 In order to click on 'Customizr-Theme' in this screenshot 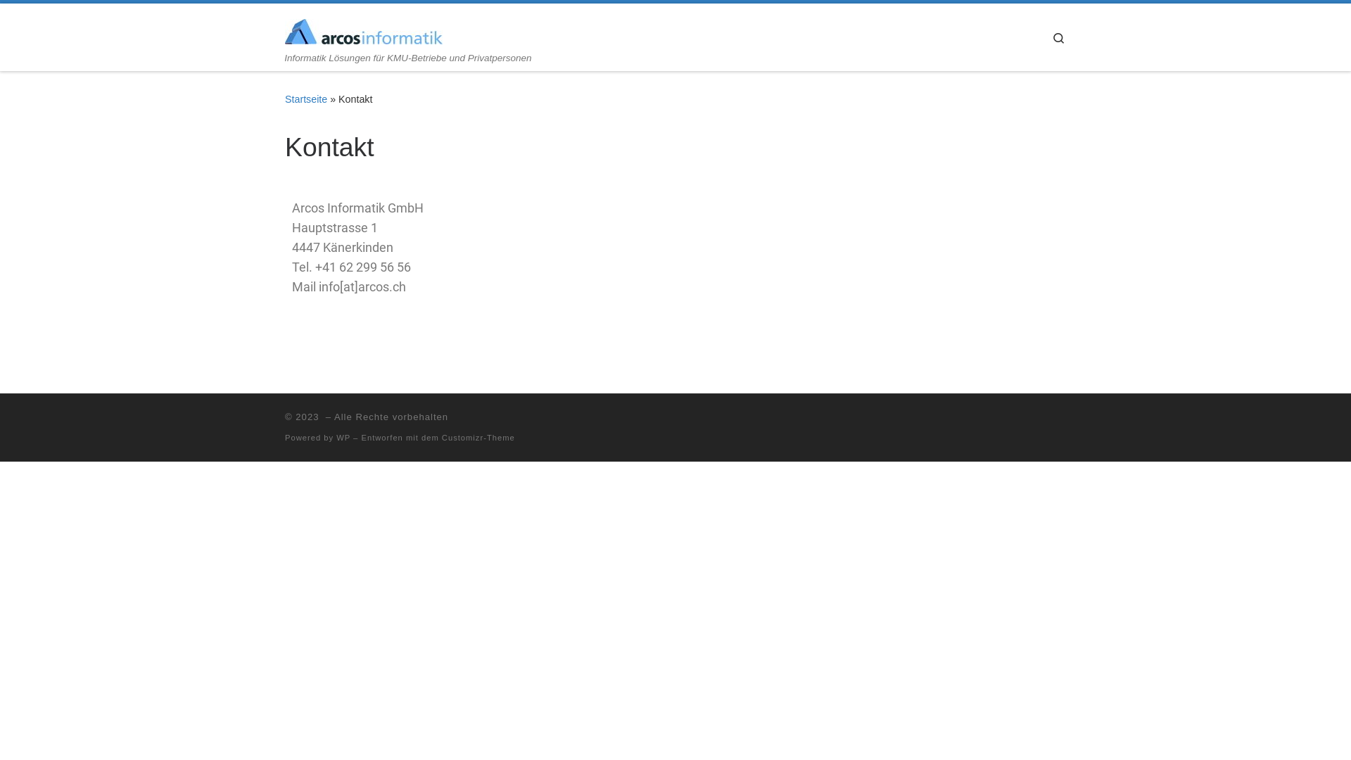, I will do `click(478, 436)`.